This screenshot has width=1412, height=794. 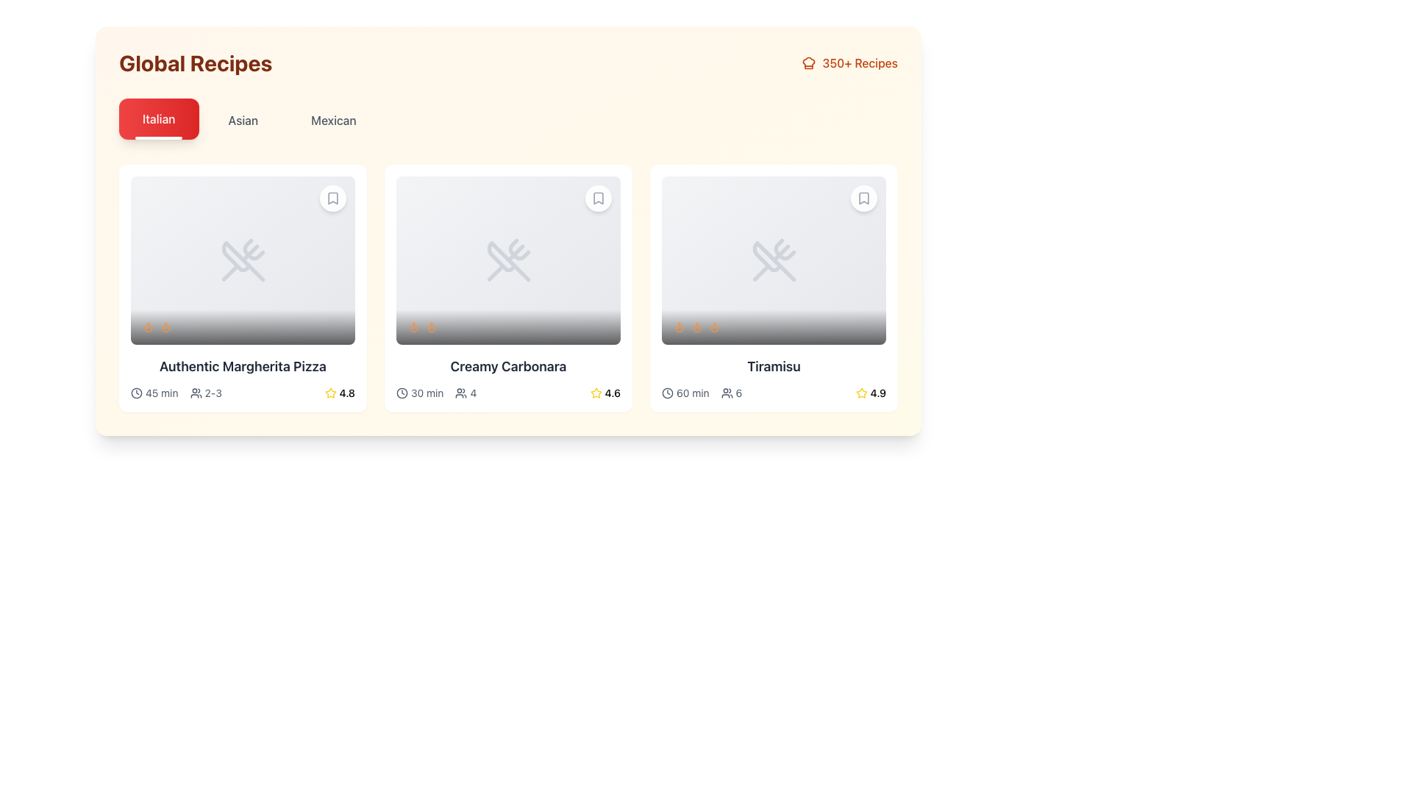 I want to click on the outer circular component of the clock icon located to the left of the text '30 min' in the second recipe card ('Creamy Carbonara'), so click(x=402, y=391).